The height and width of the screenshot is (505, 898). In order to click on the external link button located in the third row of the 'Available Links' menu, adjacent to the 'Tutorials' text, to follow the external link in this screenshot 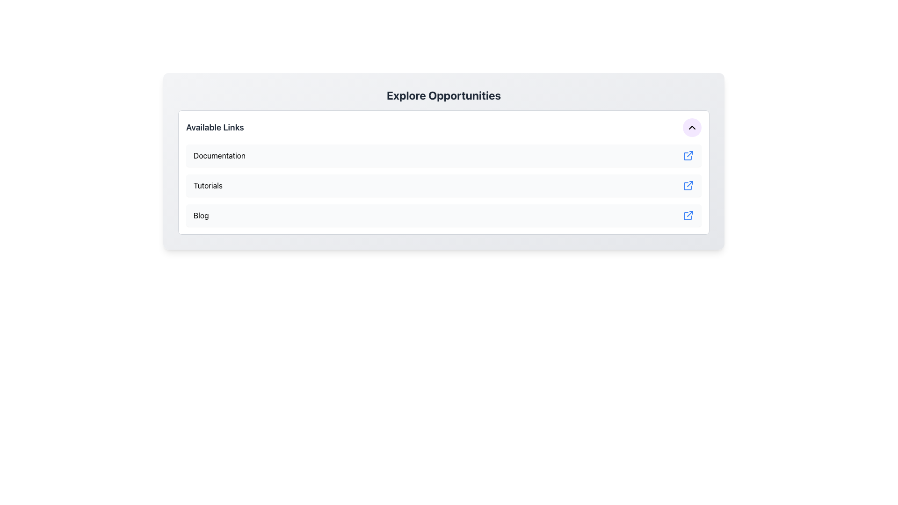, I will do `click(688, 186)`.